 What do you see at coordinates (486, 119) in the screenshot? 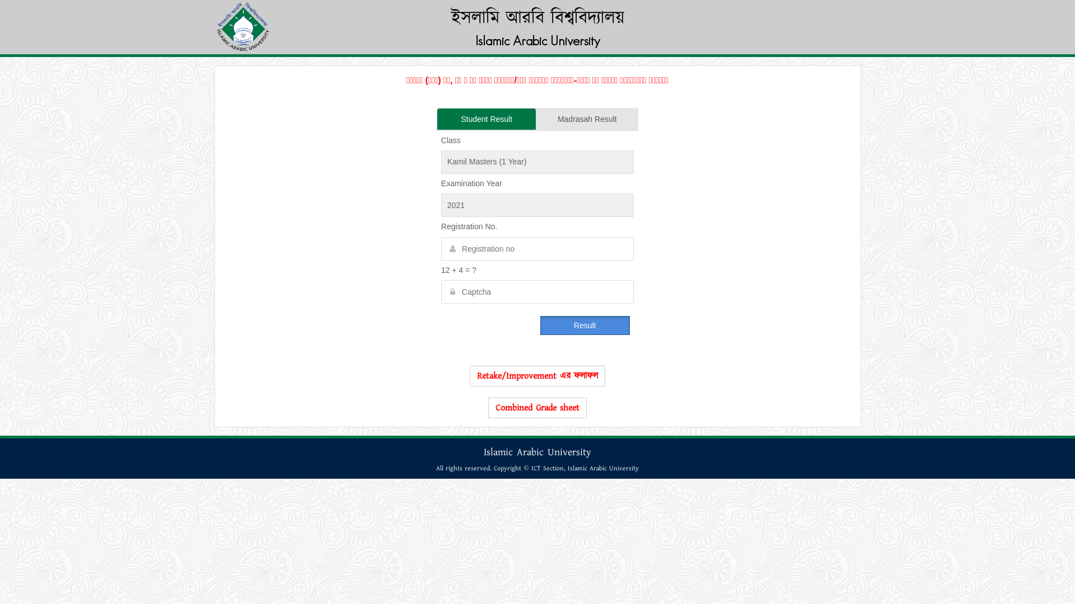
I see `'Student Result'` at bounding box center [486, 119].